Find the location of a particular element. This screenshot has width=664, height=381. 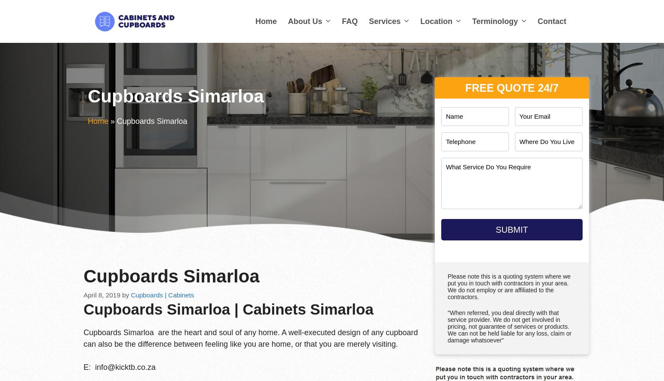

'Free Quote 24/7' is located at coordinates (511, 87).